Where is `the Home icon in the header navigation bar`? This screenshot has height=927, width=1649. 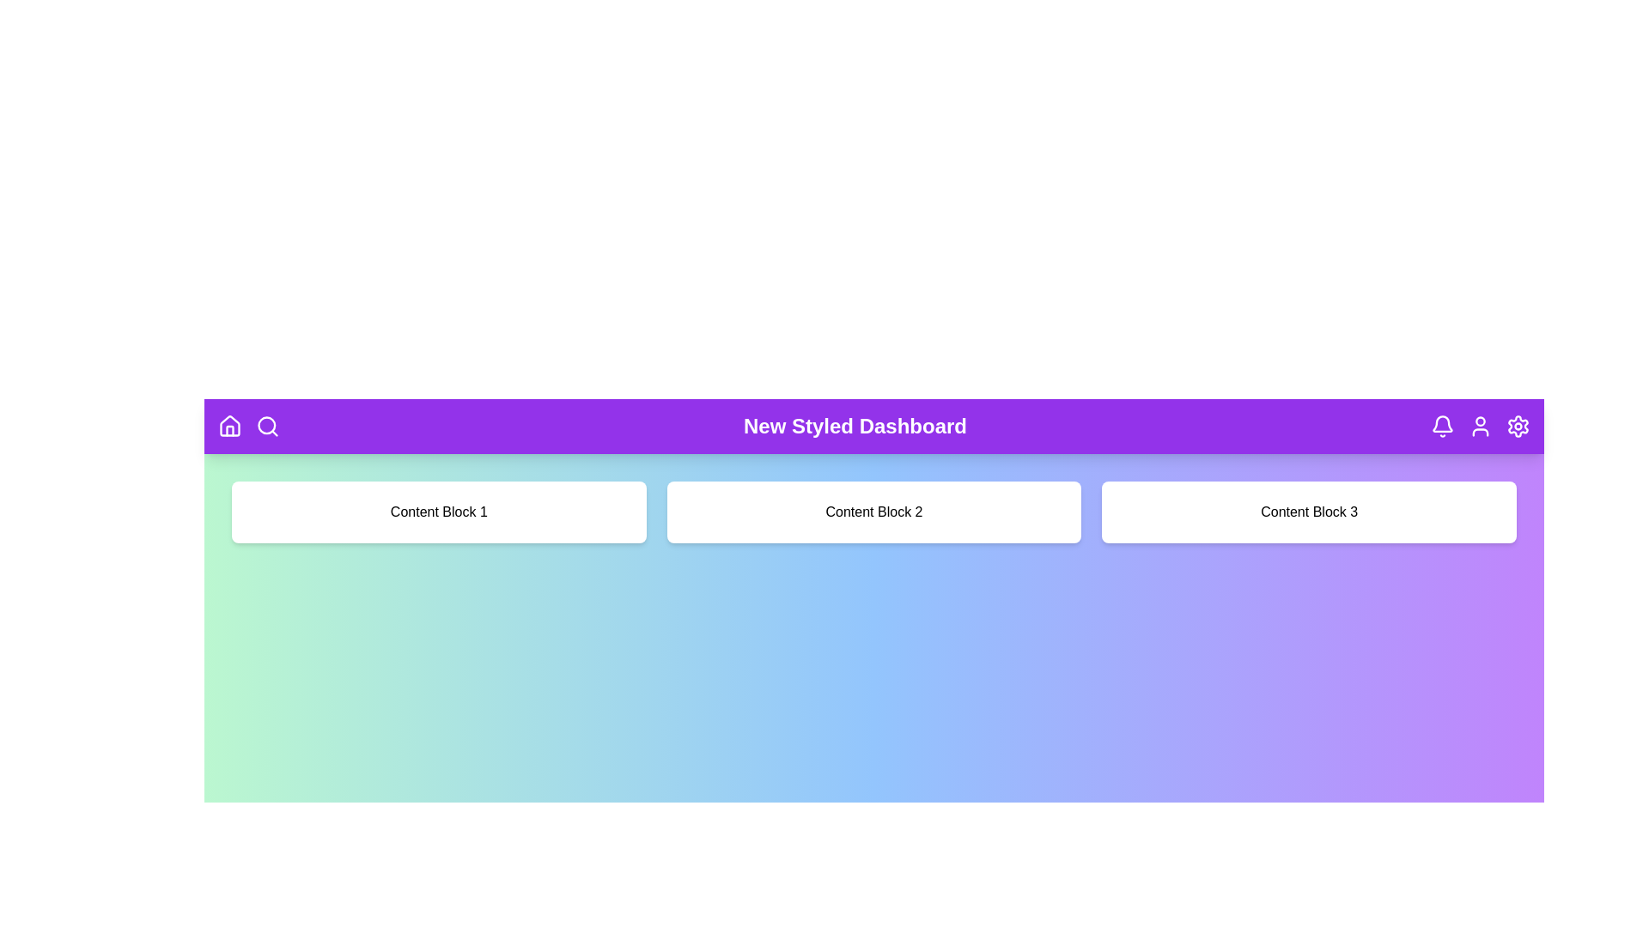
the Home icon in the header navigation bar is located at coordinates (229, 426).